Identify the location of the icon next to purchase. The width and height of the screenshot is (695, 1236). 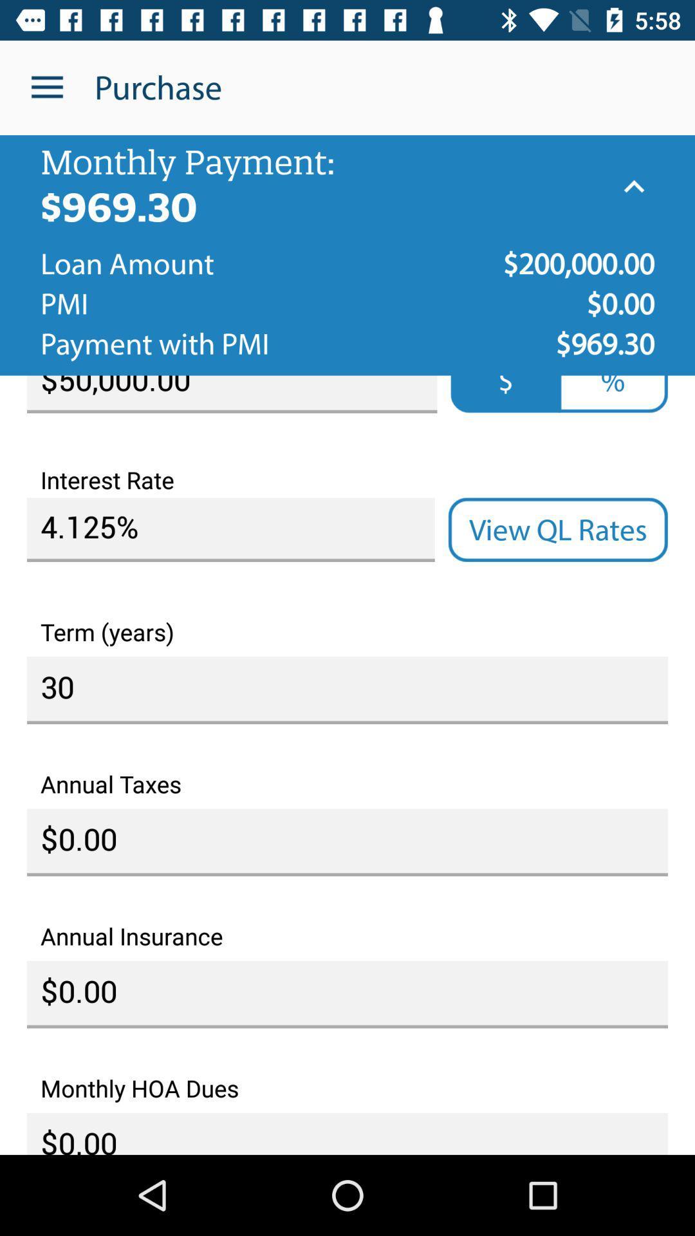
(46, 87).